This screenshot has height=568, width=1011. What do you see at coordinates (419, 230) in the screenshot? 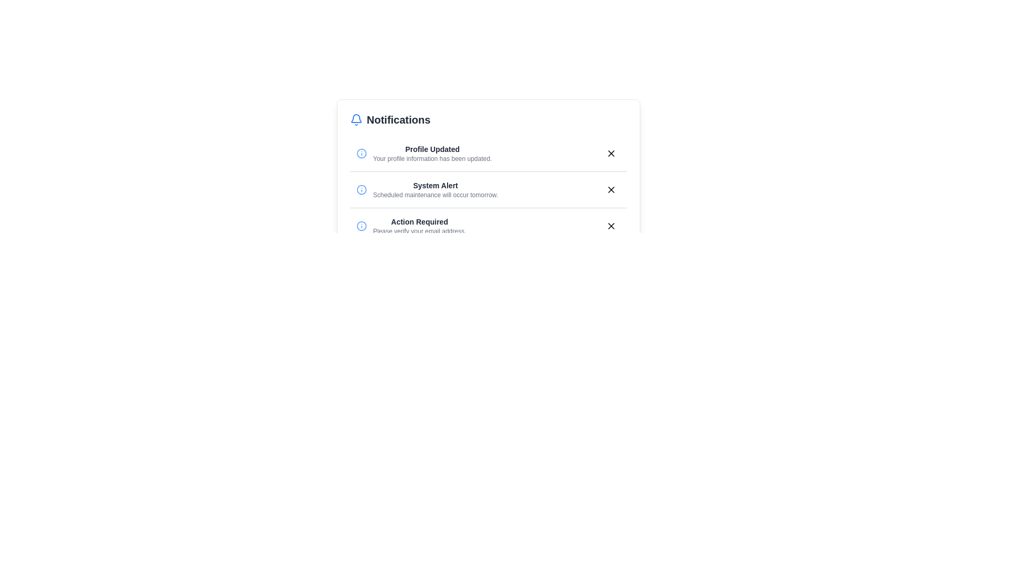
I see `static text displaying 'Please verify your email address.' located directly beneath the heading 'Action Required' in the right-hand portion of the content area` at bounding box center [419, 230].